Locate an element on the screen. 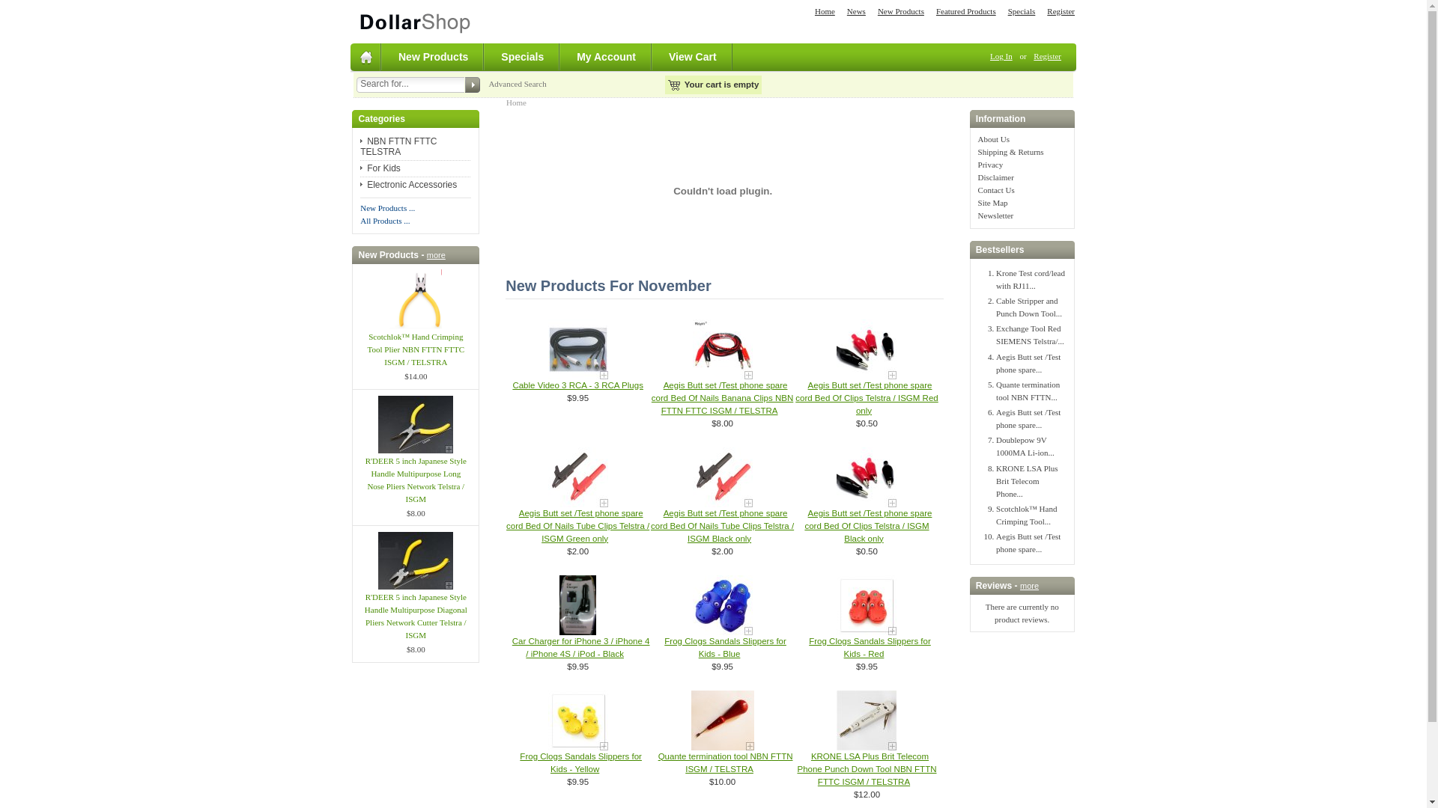 This screenshot has width=1438, height=808. 'Krone Test cord/lead with RJ11...' is located at coordinates (1030, 279).